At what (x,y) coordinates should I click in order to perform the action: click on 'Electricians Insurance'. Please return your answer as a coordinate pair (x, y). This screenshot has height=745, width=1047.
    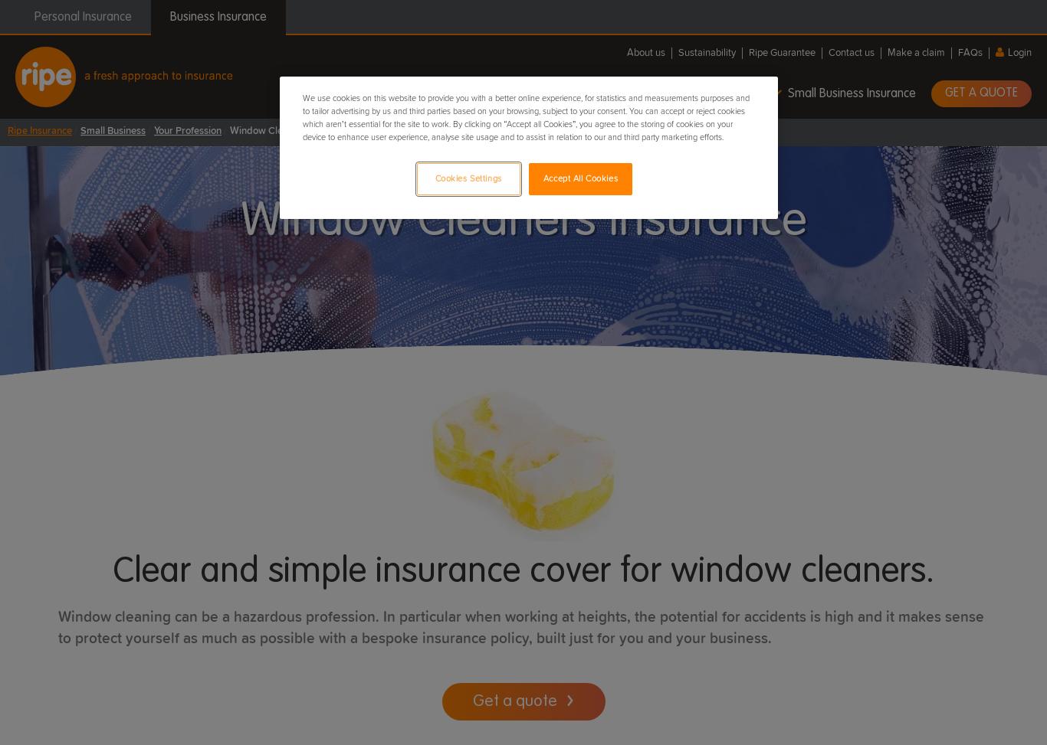
    Looking at the image, I should click on (508, 246).